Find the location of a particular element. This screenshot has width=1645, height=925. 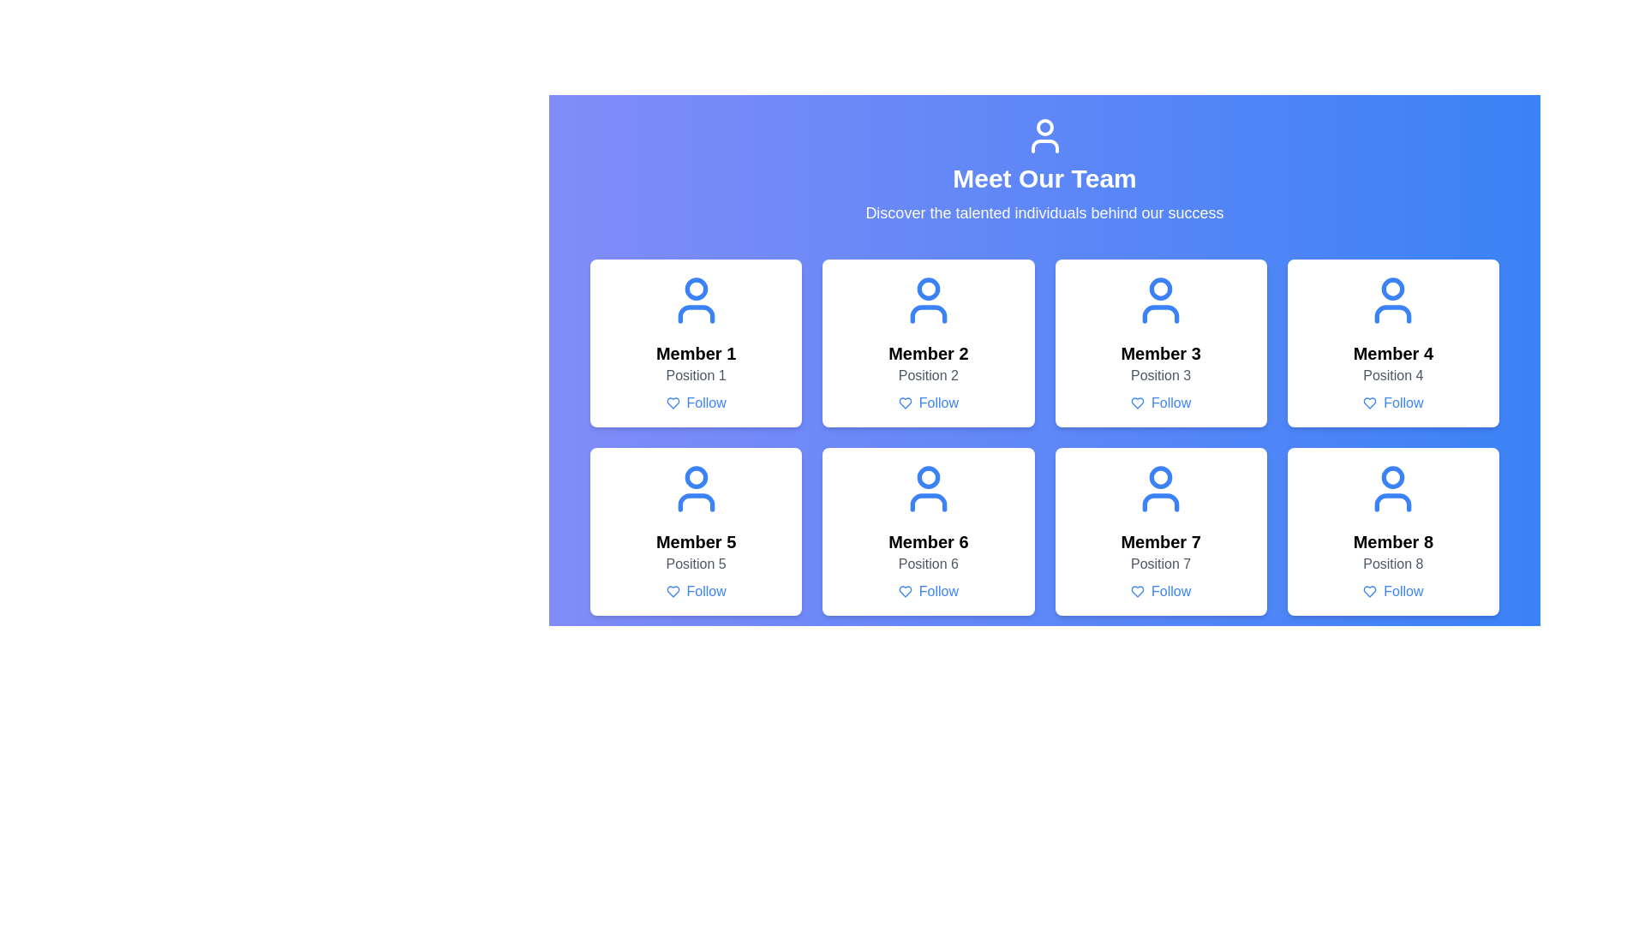

the card UI element labeled 'Member 3' which includes a blue button 'Follow' and a user icon in blue is located at coordinates (1161, 343).